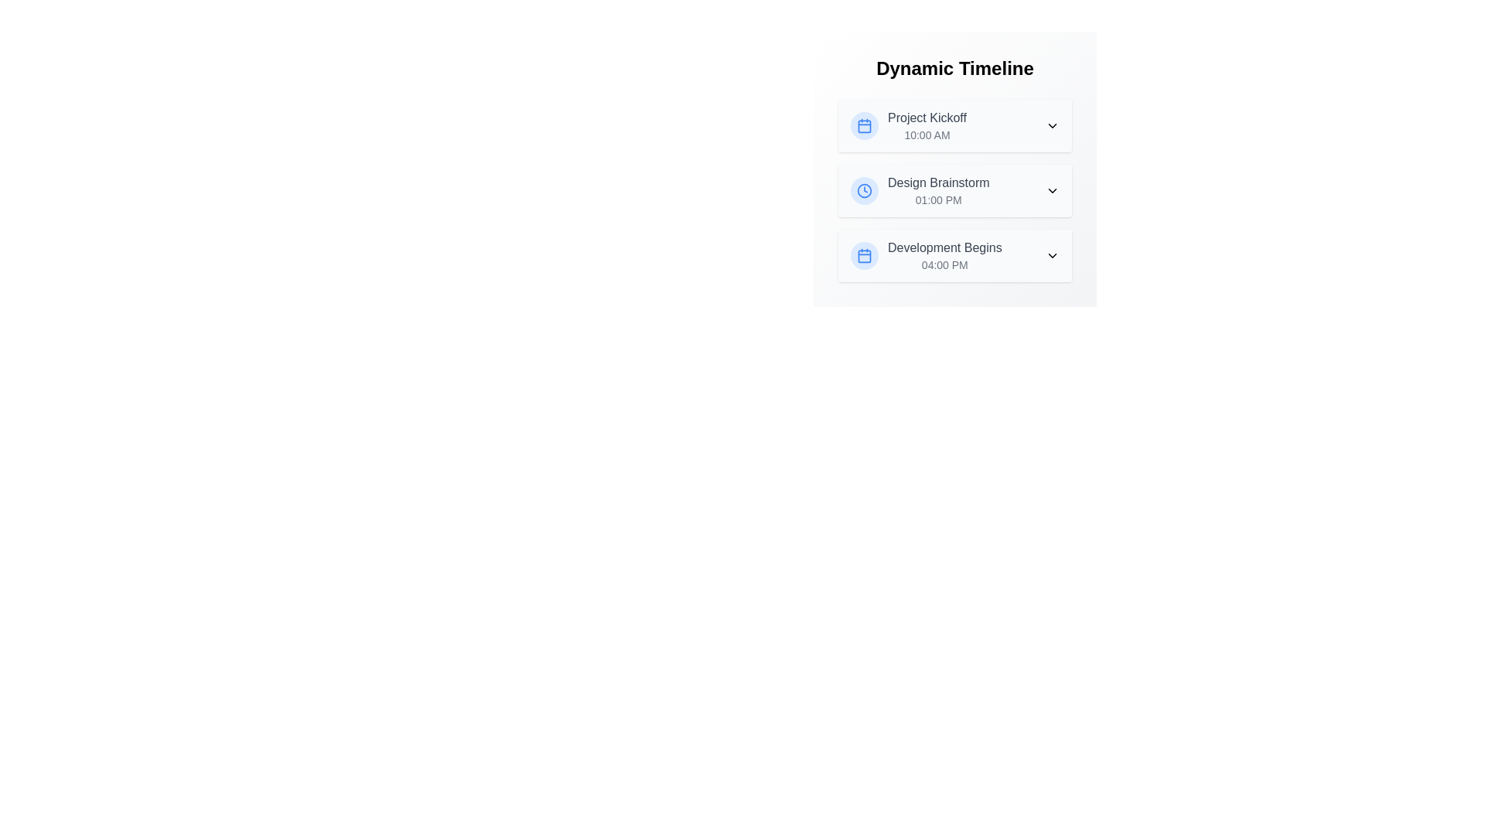 The height and width of the screenshot is (835, 1485). What do you see at coordinates (864, 189) in the screenshot?
I see `the circular blue clock icon located in the second row of the 'Dynamic Timeline' component, positioned before the text 'Design Brainstorm' and the time '01:00 PM'` at bounding box center [864, 189].